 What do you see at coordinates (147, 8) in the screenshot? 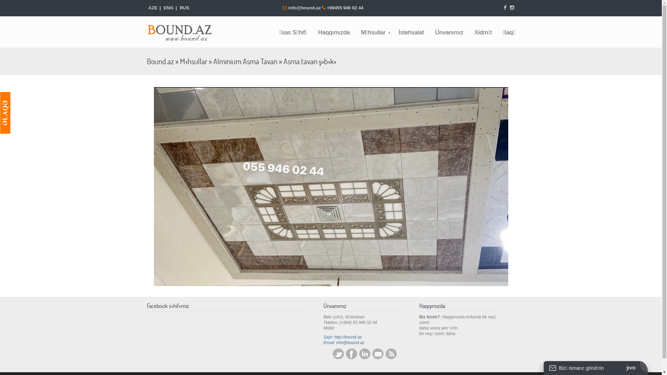
I see `'AZE'` at bounding box center [147, 8].